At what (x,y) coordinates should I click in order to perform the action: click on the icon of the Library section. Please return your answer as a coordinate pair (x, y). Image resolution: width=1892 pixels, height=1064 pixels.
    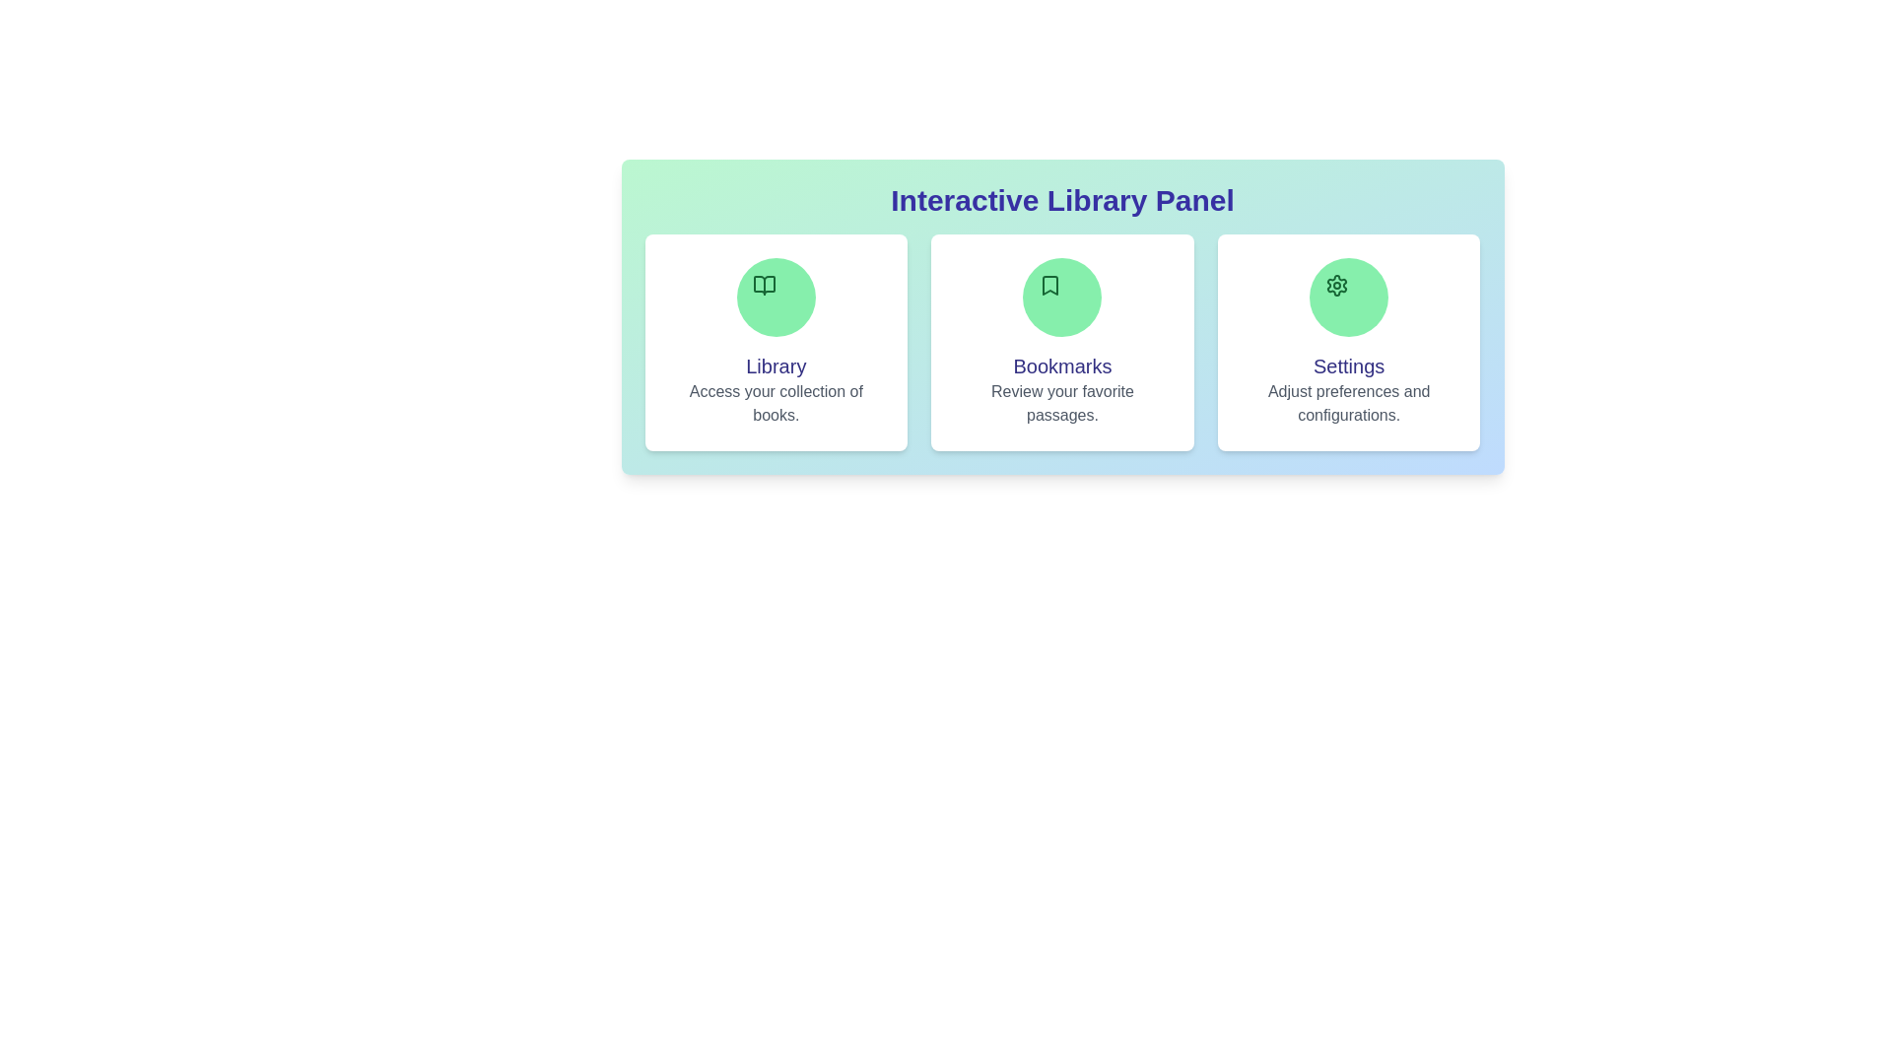
    Looking at the image, I should click on (775, 297).